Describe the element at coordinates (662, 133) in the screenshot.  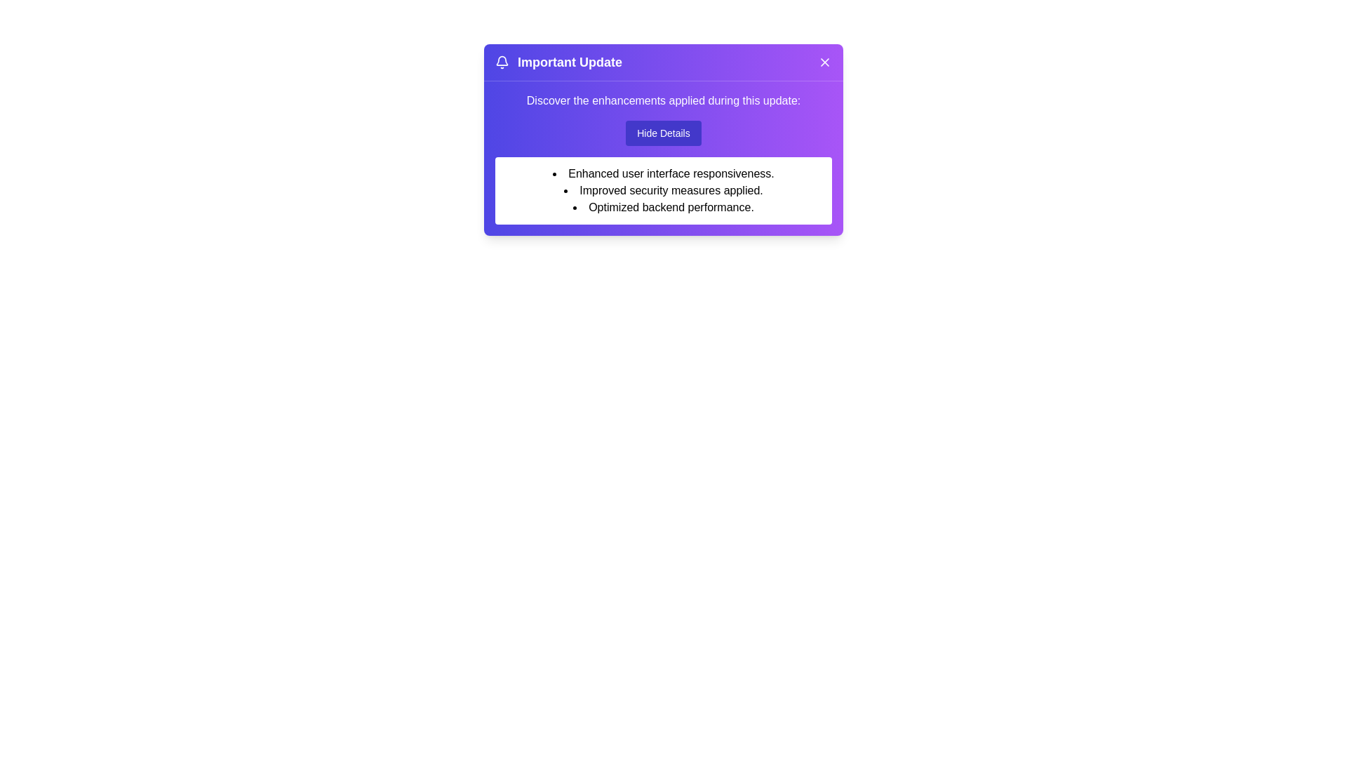
I see `the 'Hide Details' button to trigger the hover effect` at that location.